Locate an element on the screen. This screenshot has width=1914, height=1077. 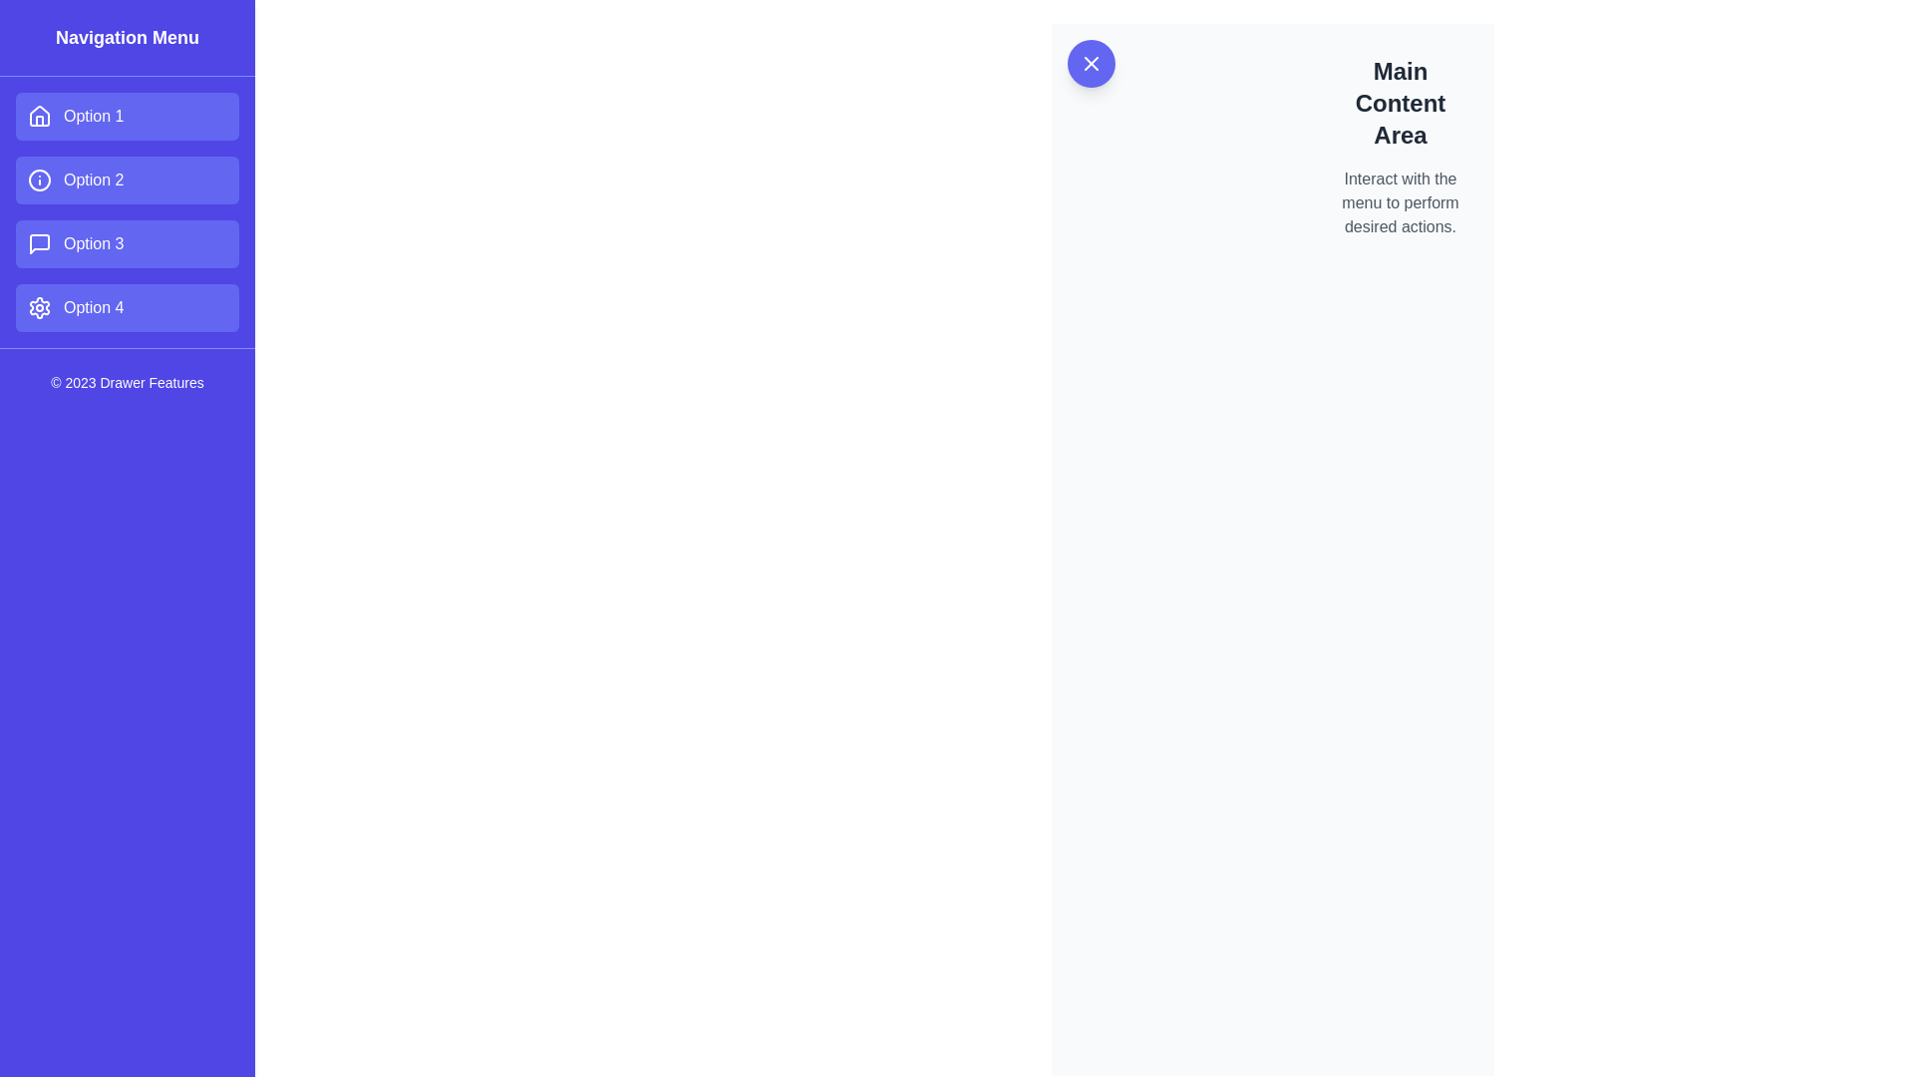
the house-shaped SVG icon inside the 'Option 1' button in the vertical navigation menu is located at coordinates (39, 116).